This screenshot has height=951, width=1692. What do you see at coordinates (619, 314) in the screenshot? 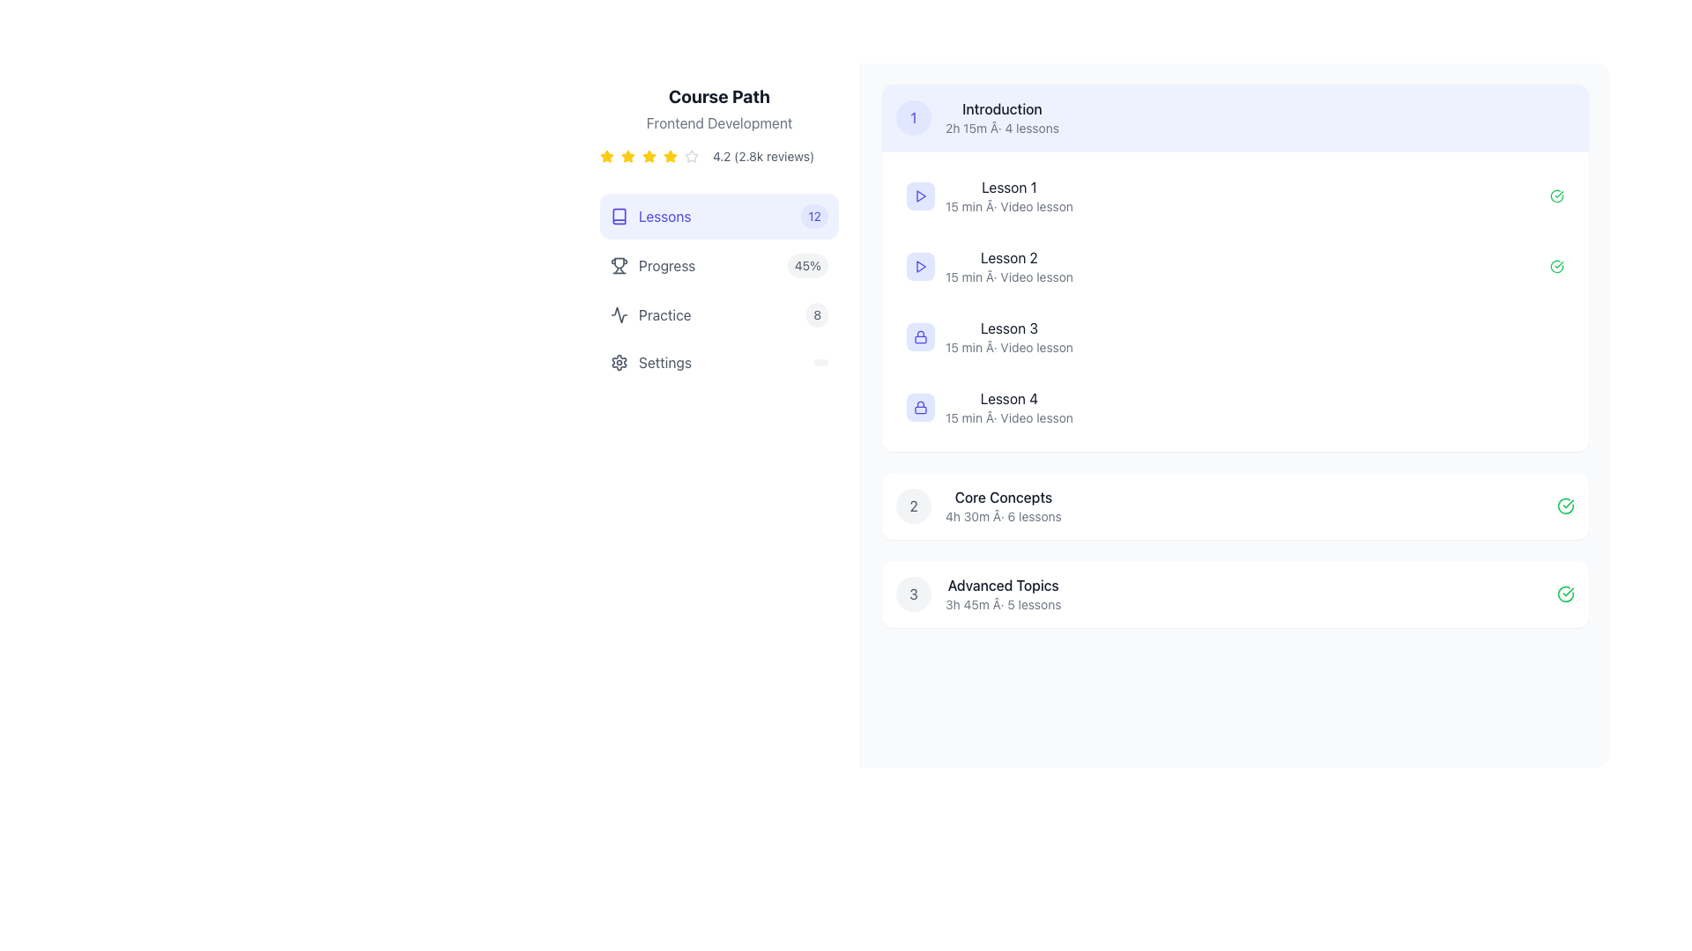
I see `the 'Practice' icon in the sidebar navigation menu` at bounding box center [619, 314].